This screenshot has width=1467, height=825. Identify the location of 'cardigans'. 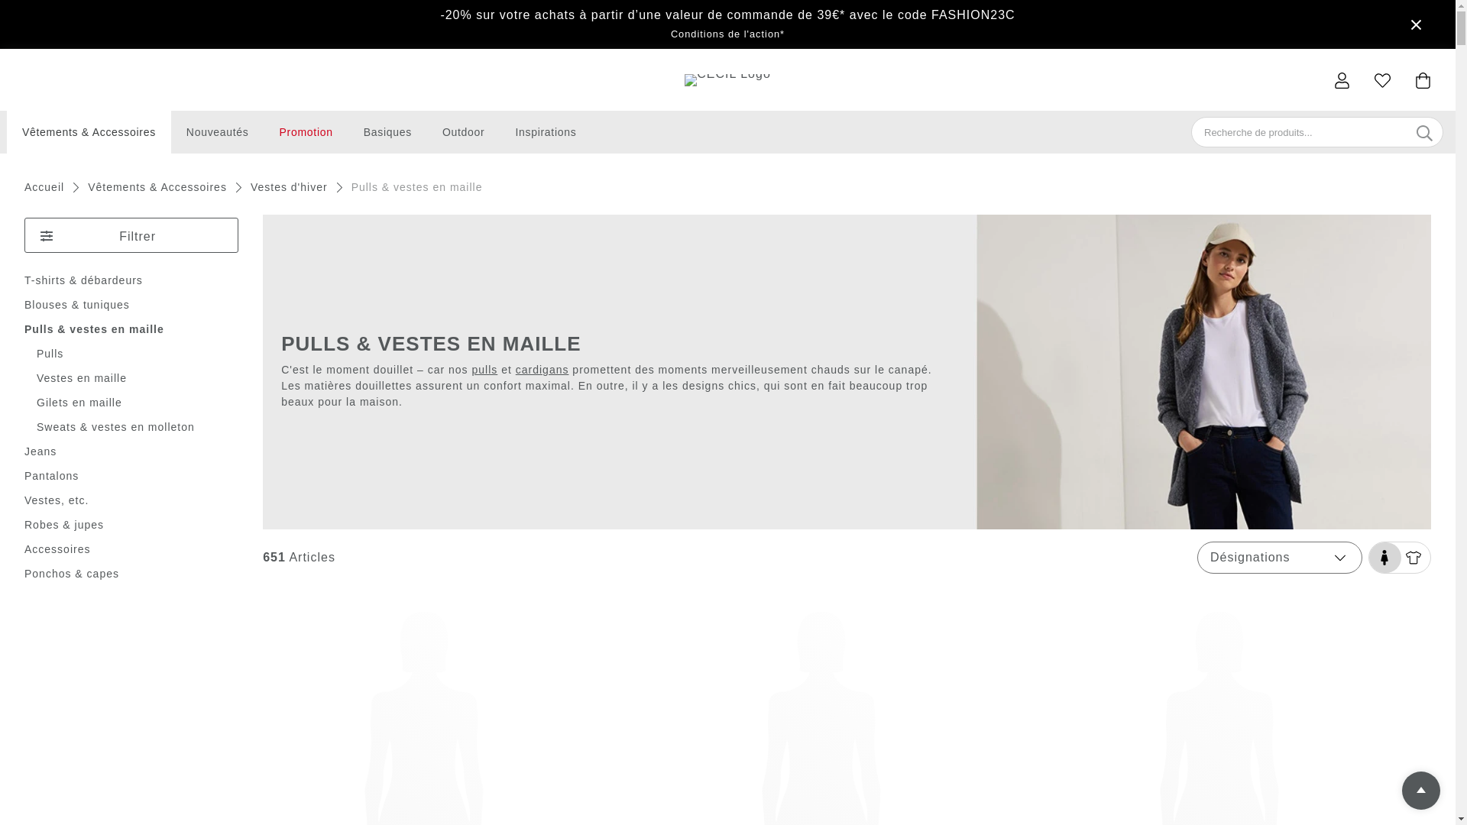
(542, 369).